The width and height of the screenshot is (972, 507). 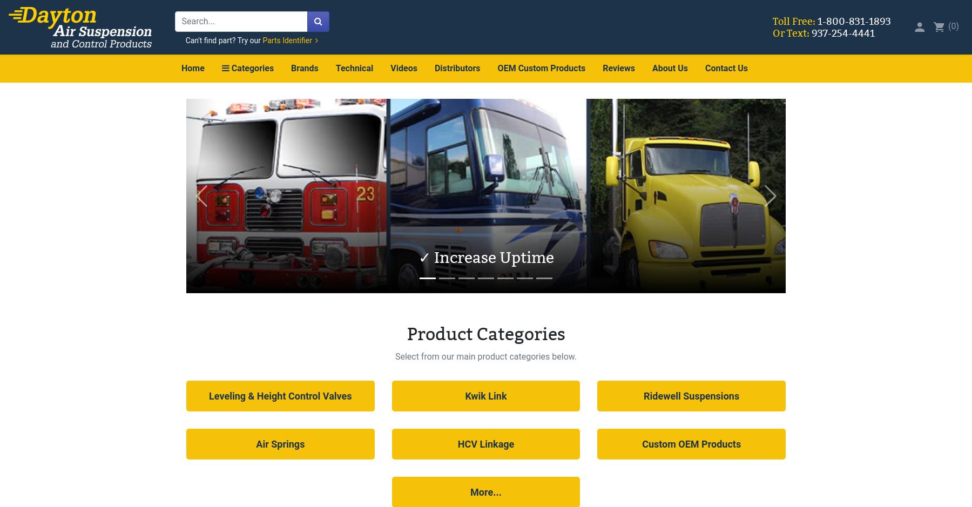 I want to click on 'Toll Free:', so click(x=793, y=20).